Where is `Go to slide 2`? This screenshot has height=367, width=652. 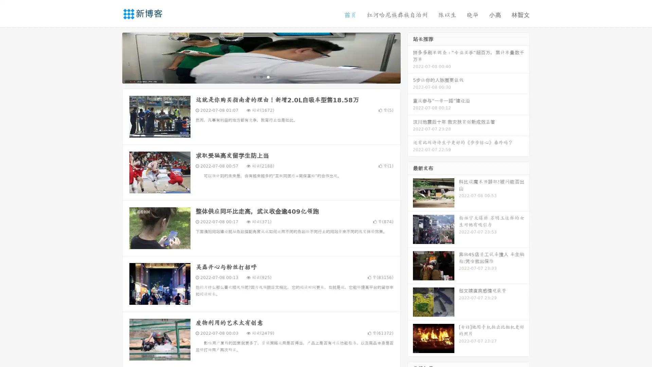 Go to slide 2 is located at coordinates (261, 76).